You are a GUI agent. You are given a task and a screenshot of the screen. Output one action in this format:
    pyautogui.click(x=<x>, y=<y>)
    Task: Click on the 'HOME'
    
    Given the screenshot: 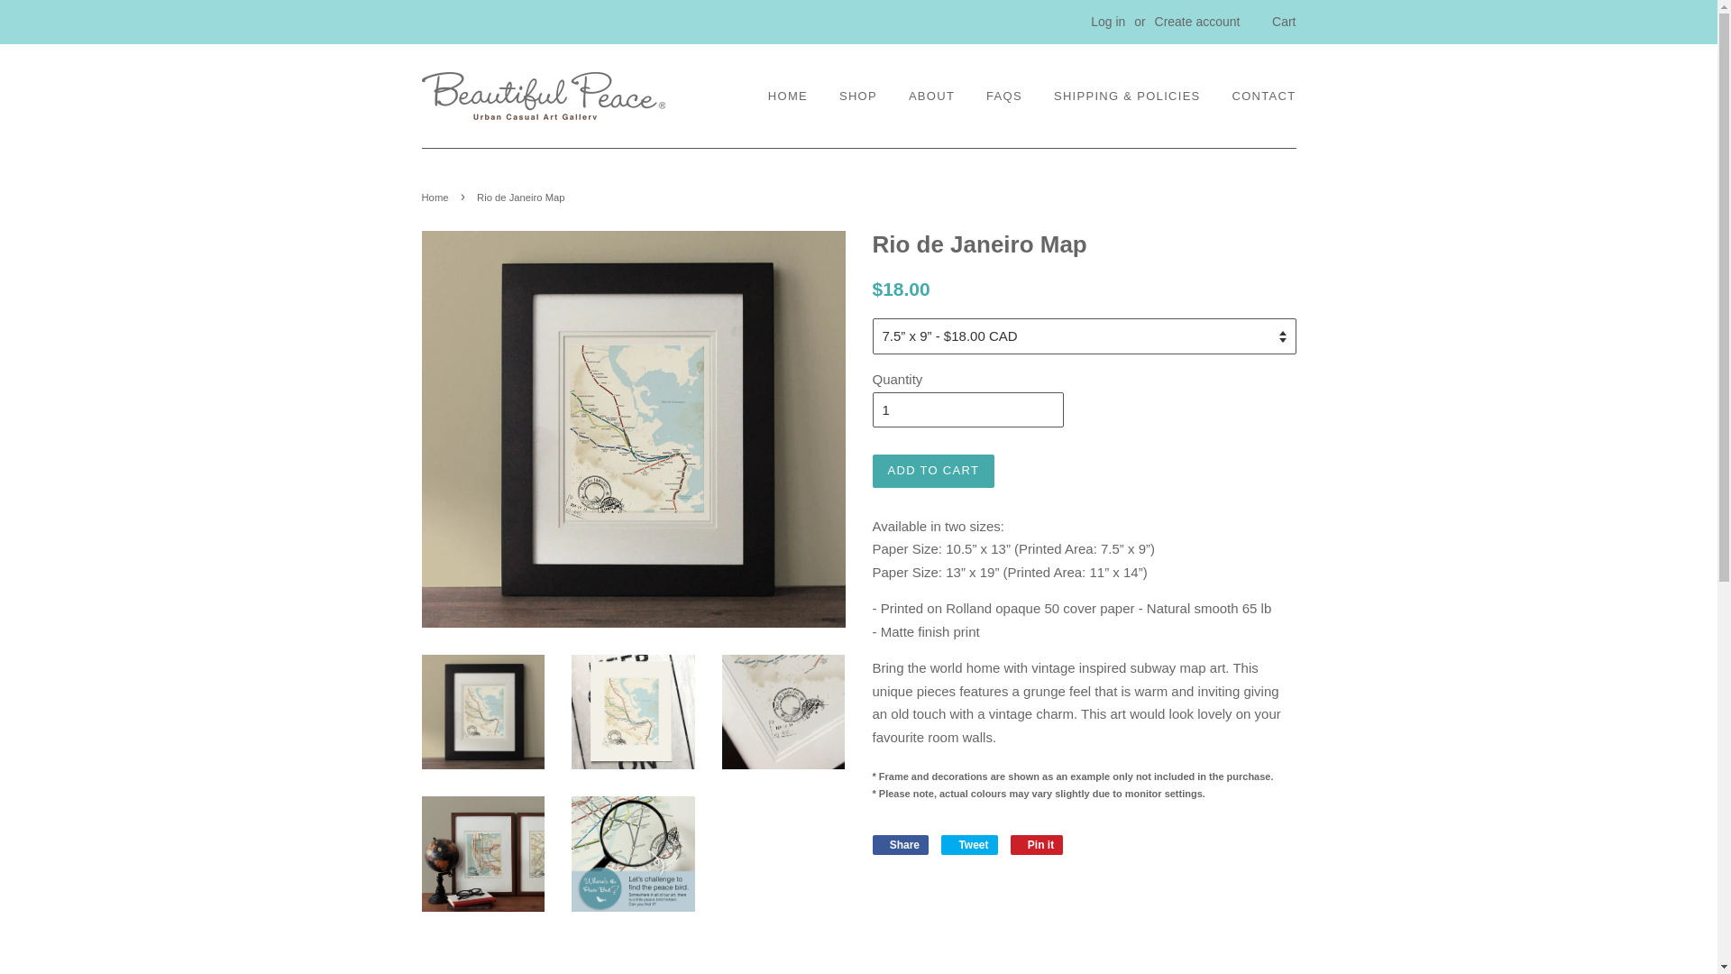 What is the action you would take?
    pyautogui.click(x=767, y=96)
    